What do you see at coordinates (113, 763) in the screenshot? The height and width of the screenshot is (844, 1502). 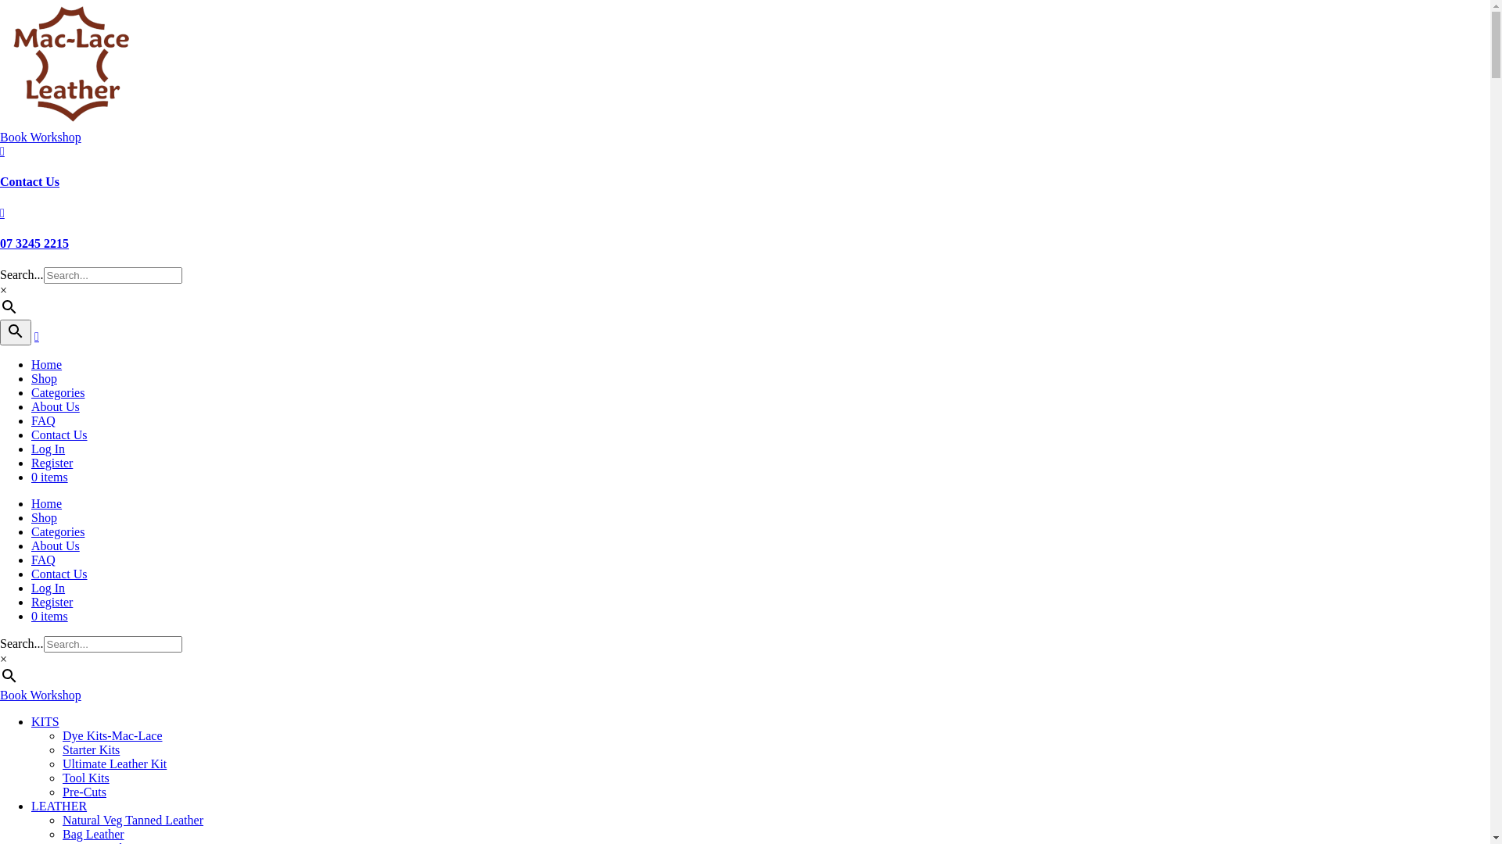 I see `'Ultimate Leather Kit'` at bounding box center [113, 763].